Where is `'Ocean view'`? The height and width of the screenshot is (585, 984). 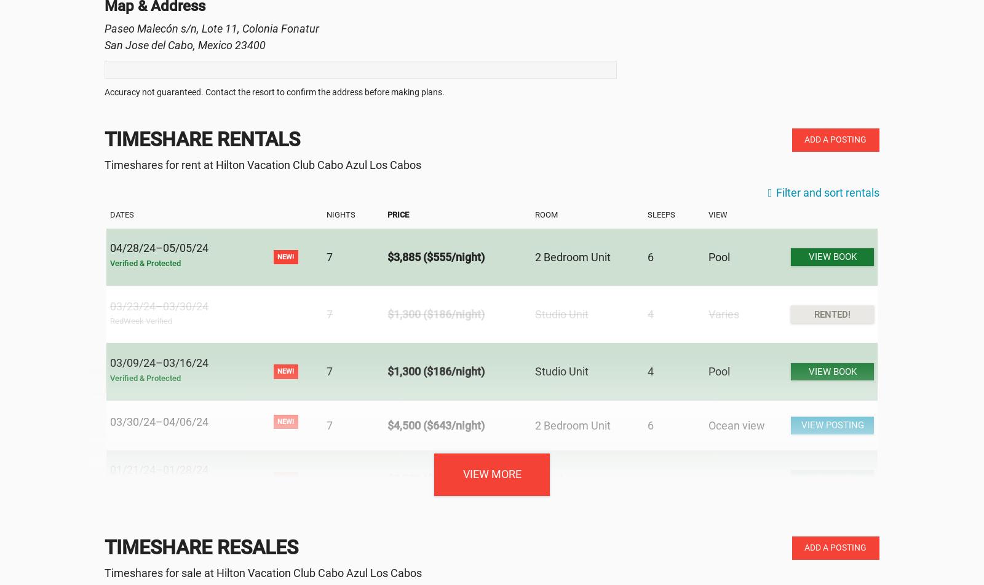
'Ocean view' is located at coordinates (708, 425).